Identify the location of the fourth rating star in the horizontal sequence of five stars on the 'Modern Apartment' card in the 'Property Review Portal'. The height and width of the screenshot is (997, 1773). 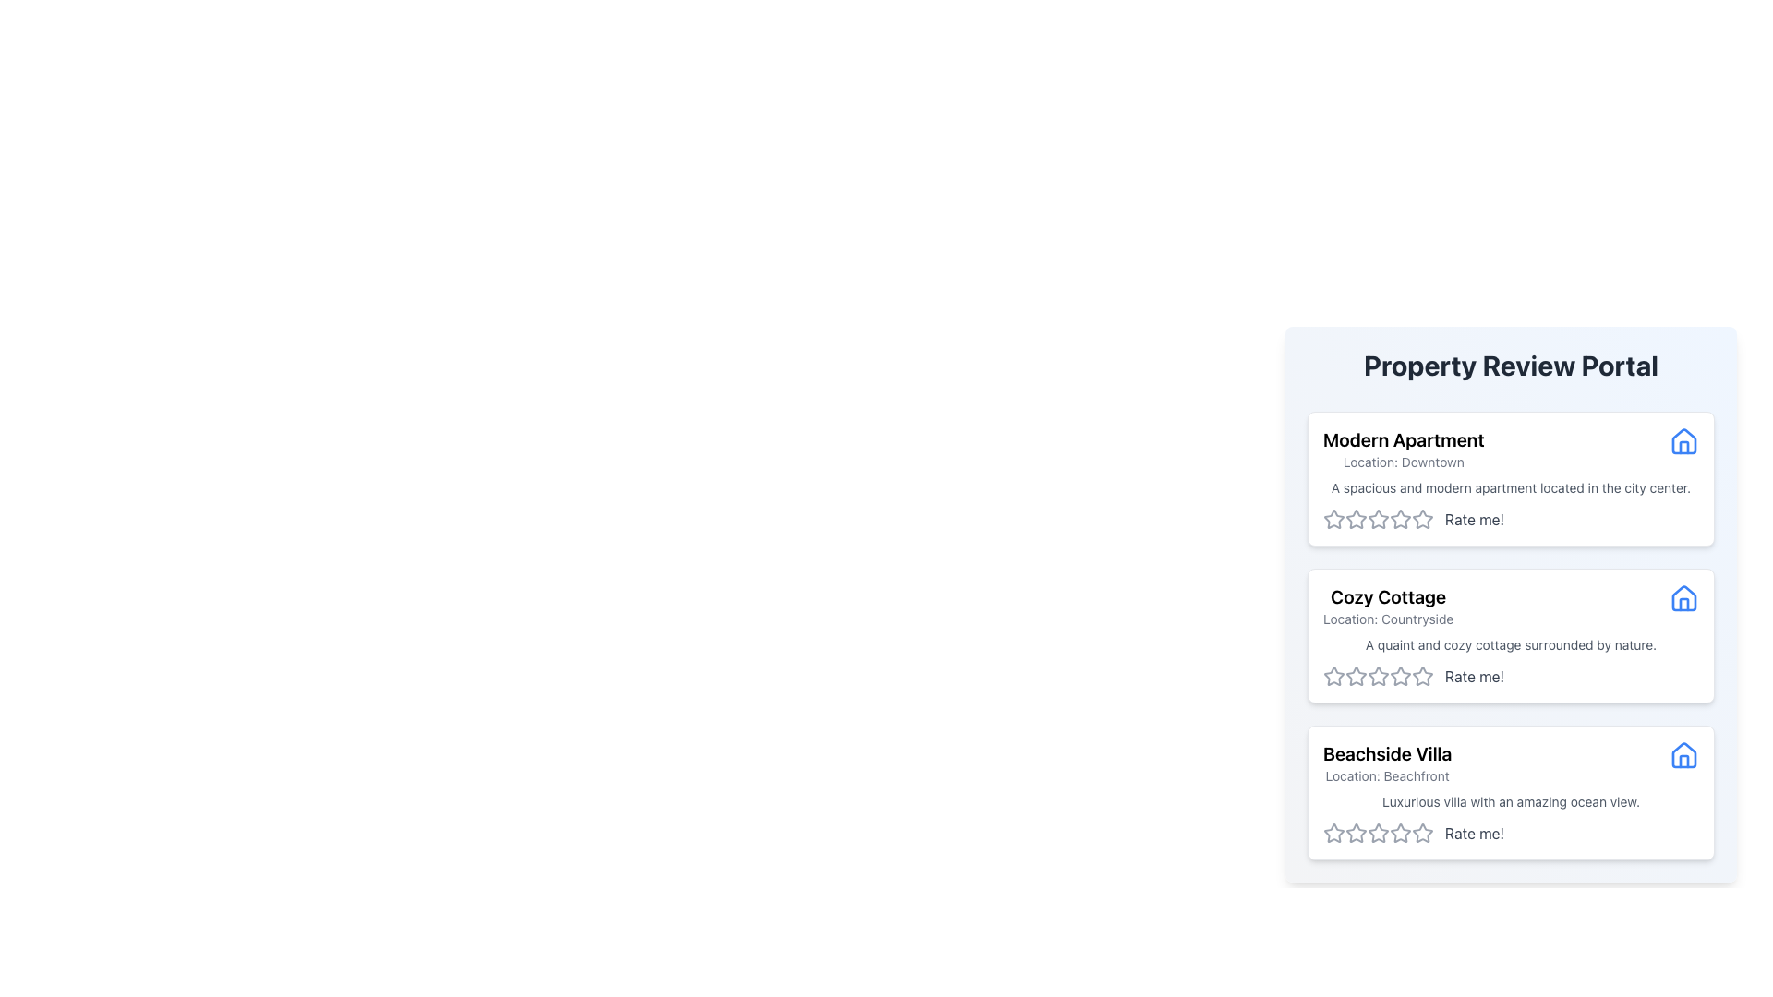
(1378, 520).